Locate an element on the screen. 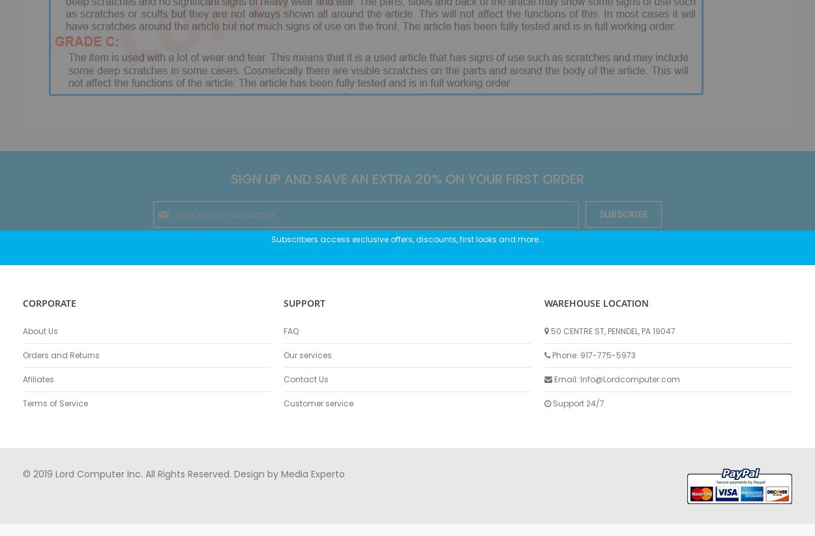  'Email: Info@Lordcomputer.com' is located at coordinates (553, 378).